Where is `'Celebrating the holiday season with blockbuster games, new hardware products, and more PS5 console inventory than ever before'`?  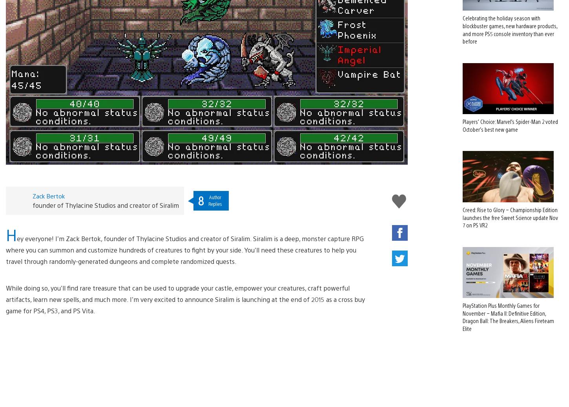
'Celebrating the holiday season with blockbuster games, new hardware products, and more PS5 console inventory than ever before' is located at coordinates (510, 16).